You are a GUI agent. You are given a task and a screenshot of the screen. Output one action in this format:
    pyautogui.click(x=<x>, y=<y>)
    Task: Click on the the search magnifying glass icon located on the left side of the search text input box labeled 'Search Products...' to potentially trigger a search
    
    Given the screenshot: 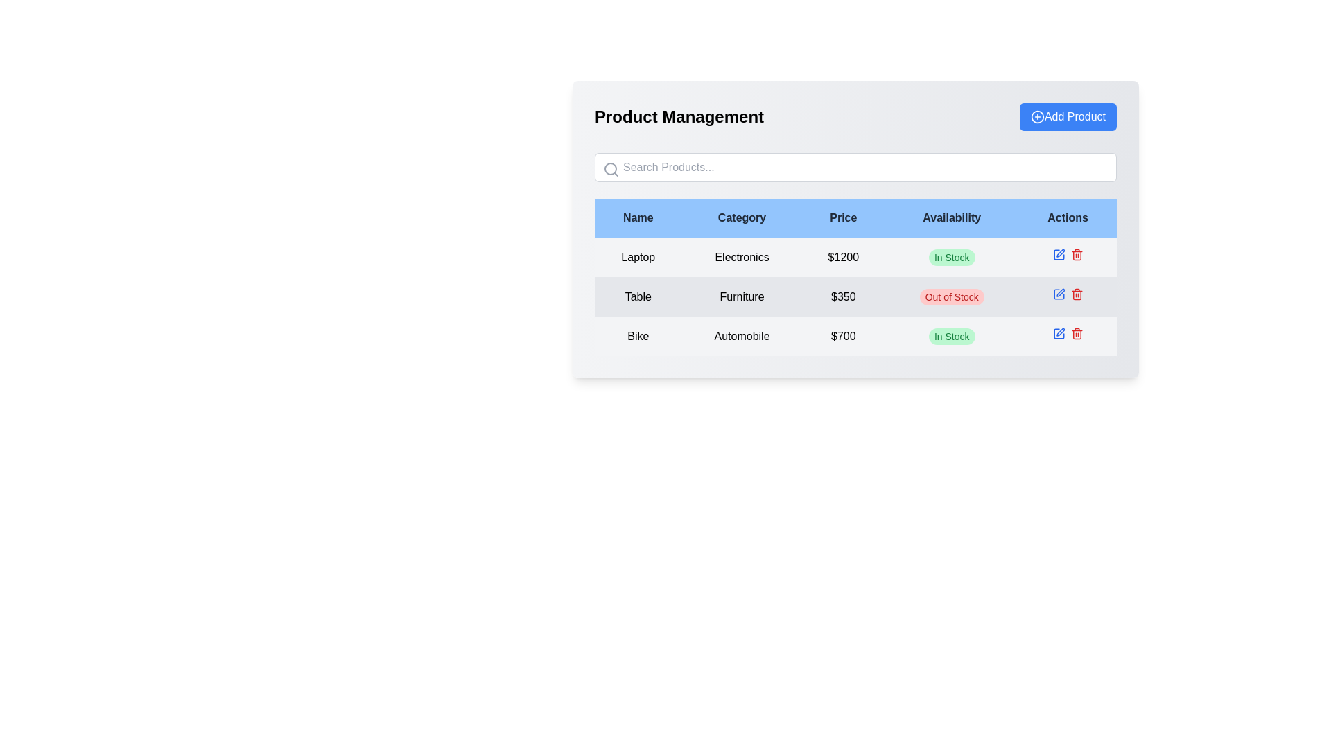 What is the action you would take?
    pyautogui.click(x=611, y=169)
    